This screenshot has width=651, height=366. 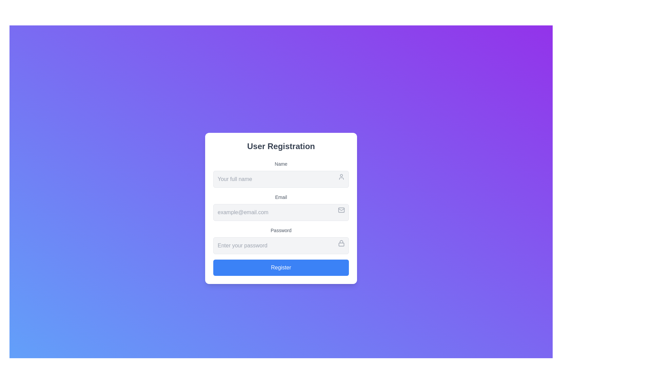 I want to click on the lock icon, which is a gray line-style SVG located to the far right of the password input field and aligned vertically with it, so click(x=341, y=243).